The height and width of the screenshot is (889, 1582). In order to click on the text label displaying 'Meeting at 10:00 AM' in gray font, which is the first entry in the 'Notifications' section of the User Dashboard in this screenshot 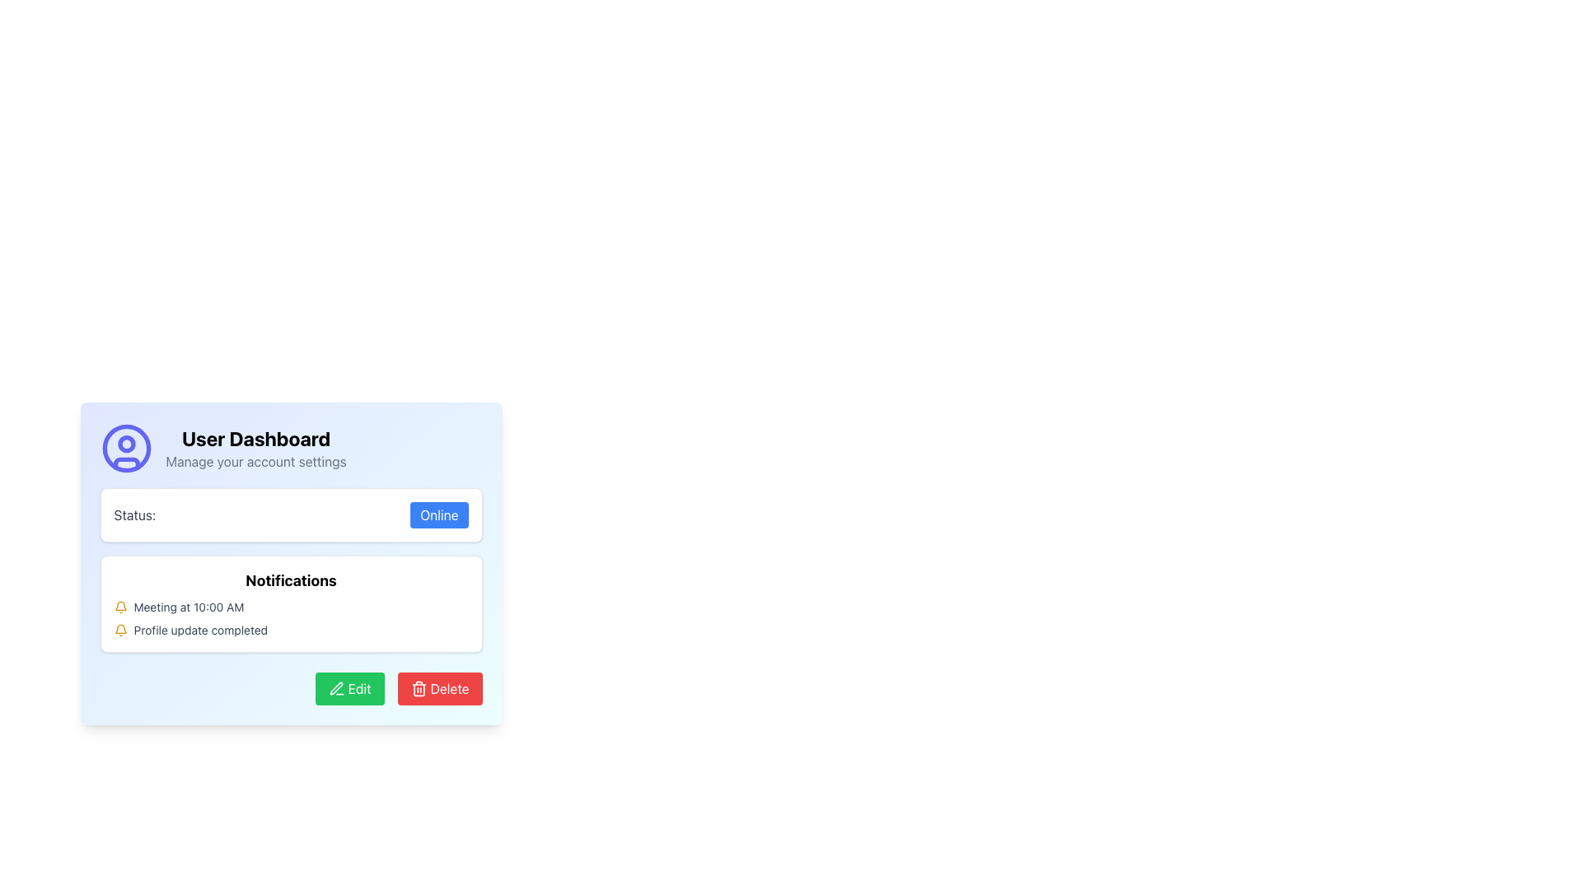, I will do `click(189, 607)`.